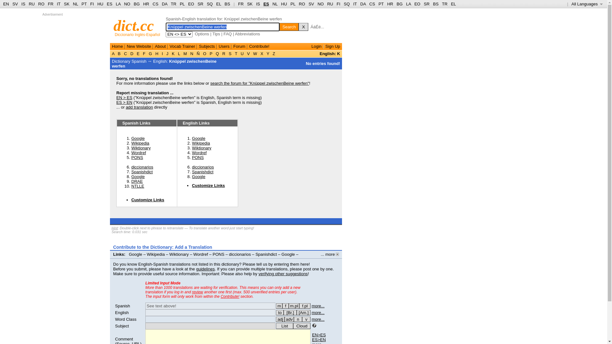 Image resolution: width=612 pixels, height=344 pixels. What do you see at coordinates (399, 4) in the screenshot?
I see `'BG'` at bounding box center [399, 4].